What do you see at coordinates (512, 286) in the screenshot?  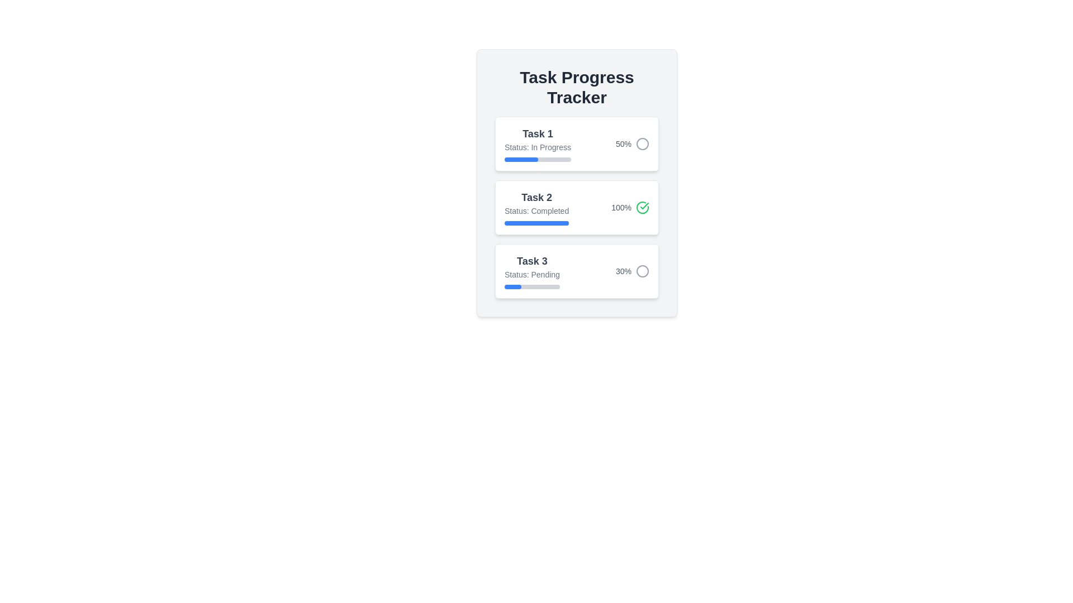 I see `the progress status of the blue progress bar segment in Task 3's progress bar section of the 'Task Progress Tracker' interface` at bounding box center [512, 286].